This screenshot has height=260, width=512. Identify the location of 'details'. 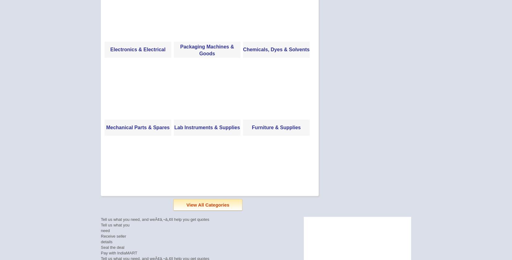
(101, 241).